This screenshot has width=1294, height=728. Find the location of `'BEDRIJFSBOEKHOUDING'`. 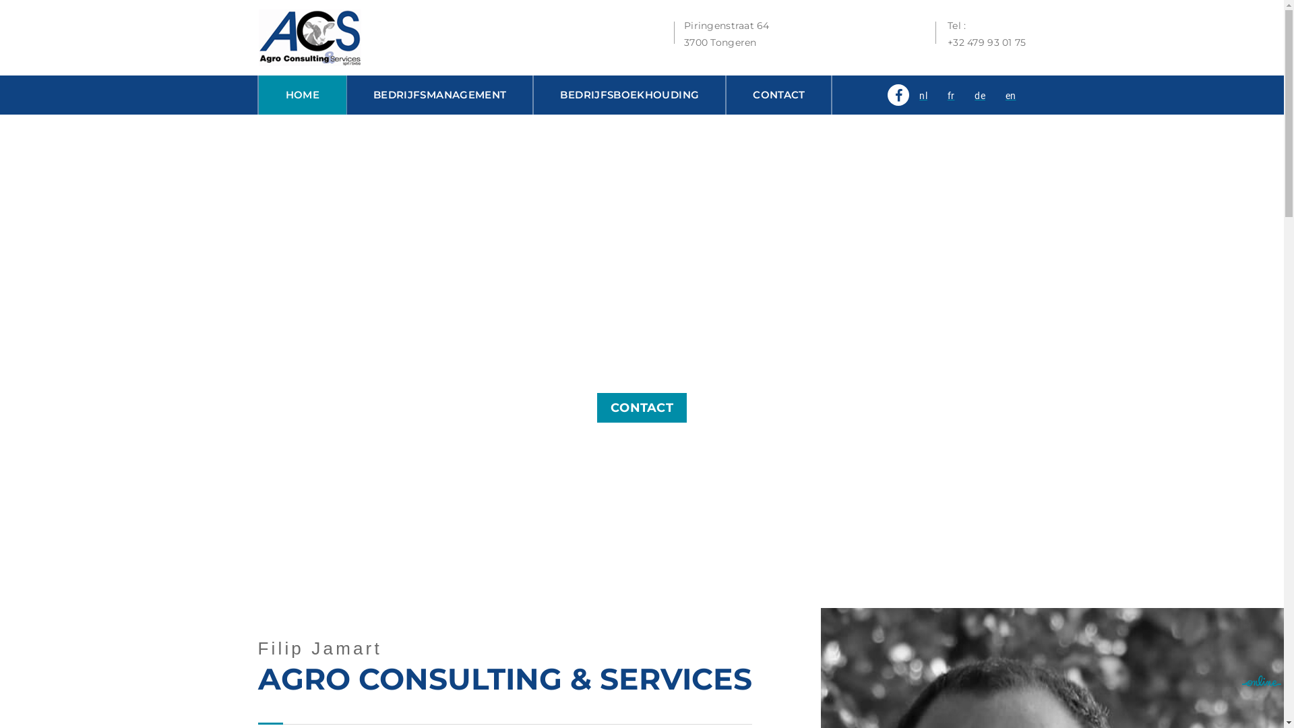

'BEDRIJFSBOEKHOUDING' is located at coordinates (629, 94).